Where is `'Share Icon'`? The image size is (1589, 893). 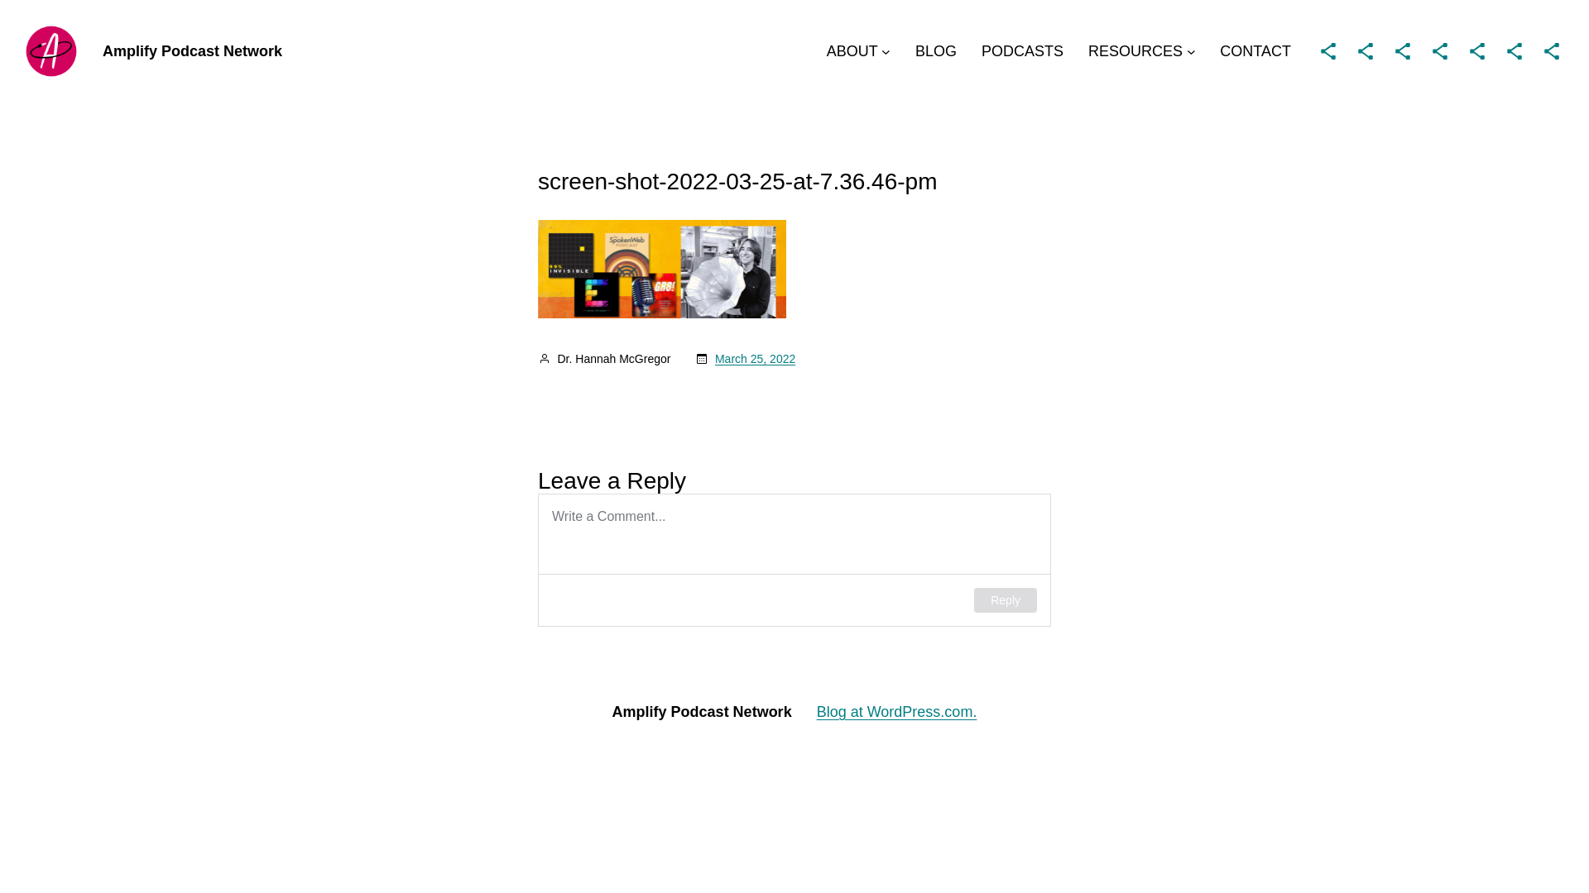
'Share Icon' is located at coordinates (1426, 50).